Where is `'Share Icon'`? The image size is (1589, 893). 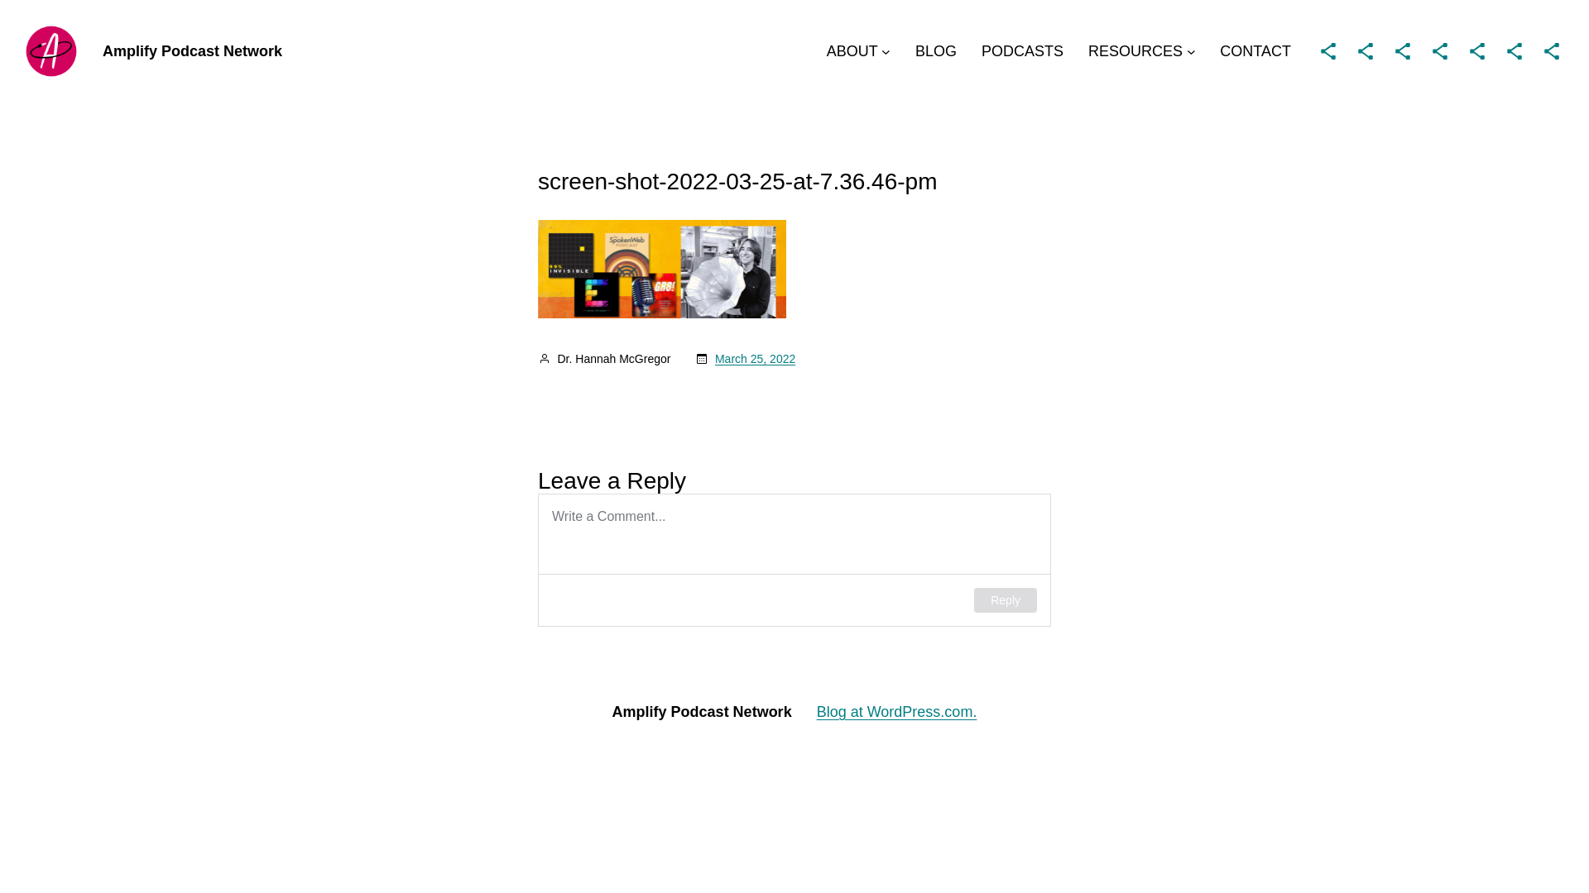
'Share Icon' is located at coordinates (1426, 50).